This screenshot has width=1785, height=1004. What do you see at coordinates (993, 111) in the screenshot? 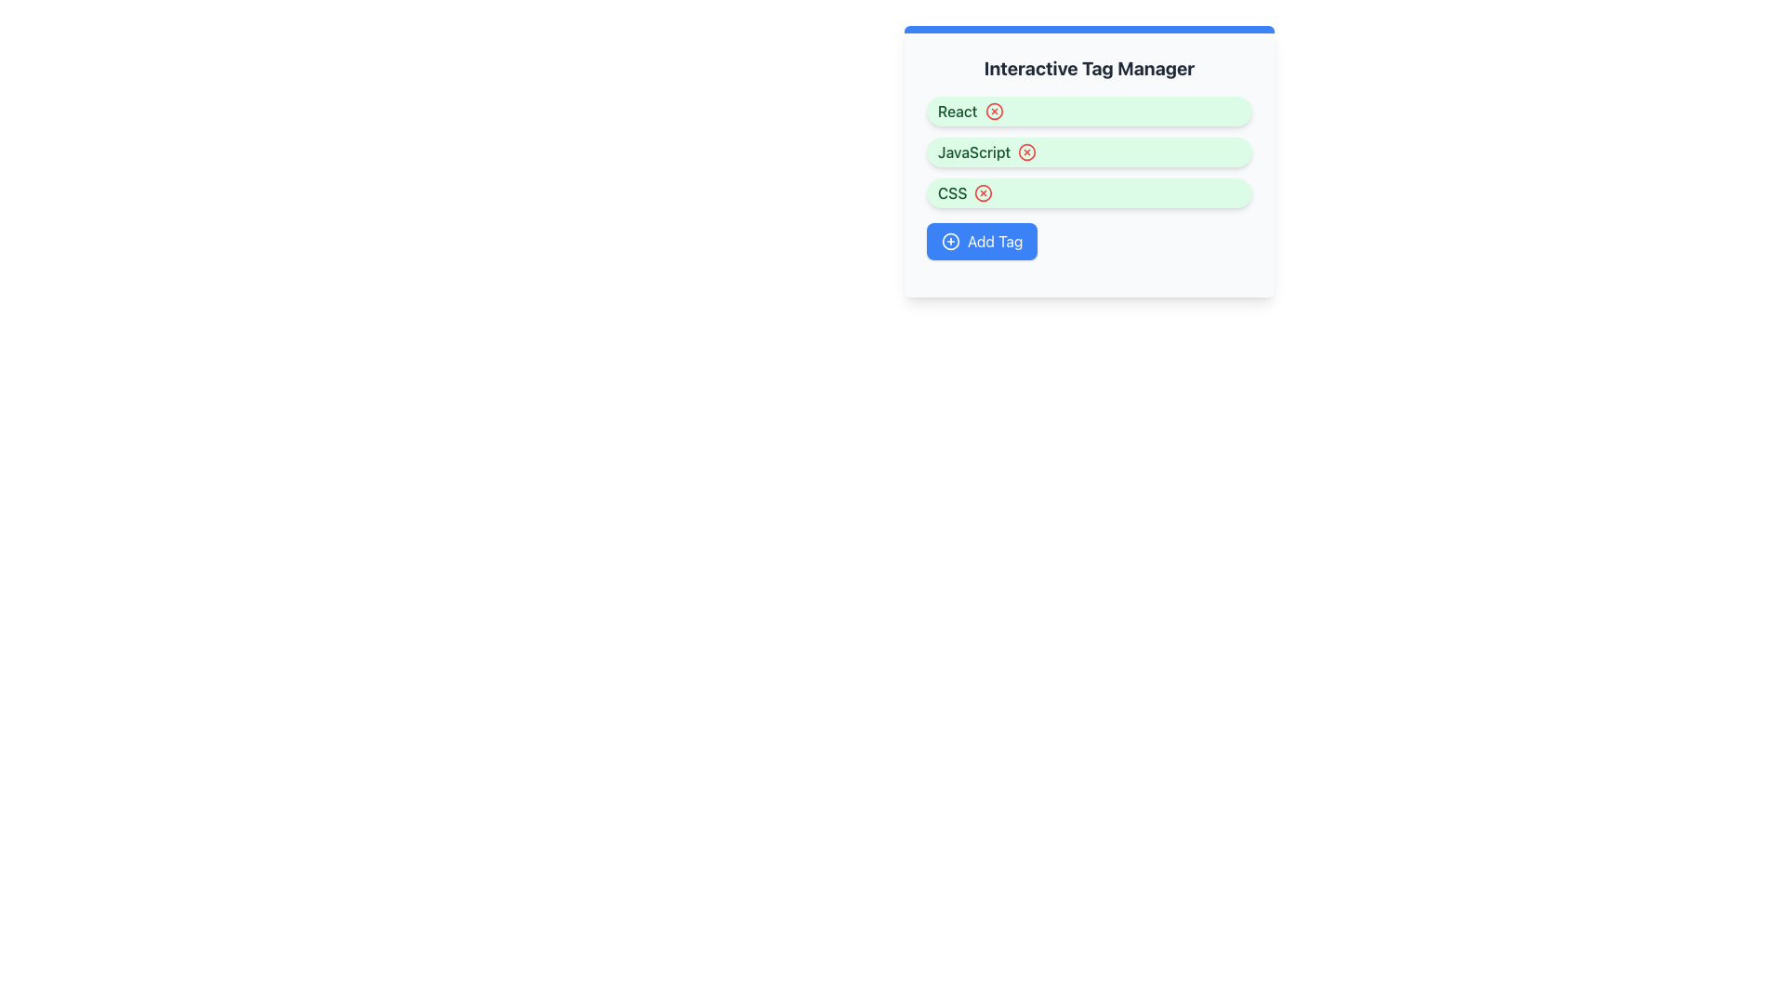
I see `the delete button associated with the 'React' tag to change its color` at bounding box center [993, 111].